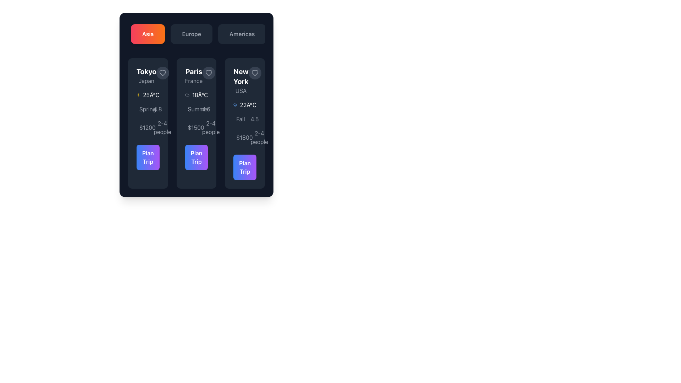  Describe the element at coordinates (155, 109) in the screenshot. I see `the text displaying the rating or score for the trip under the 'Tokyo' heading, located below 'Spring' and above '$1200'` at that location.